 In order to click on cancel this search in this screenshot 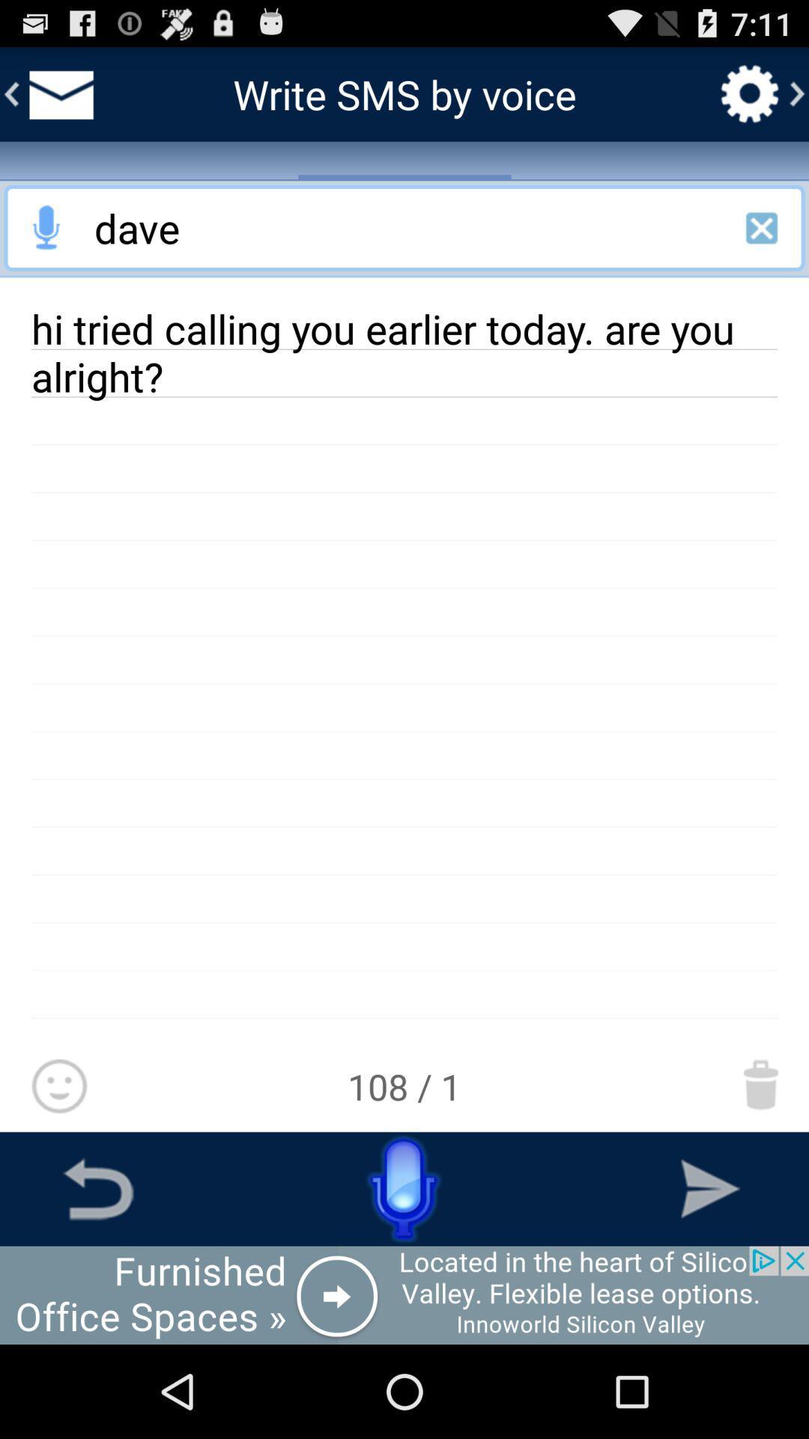, I will do `click(762, 227)`.